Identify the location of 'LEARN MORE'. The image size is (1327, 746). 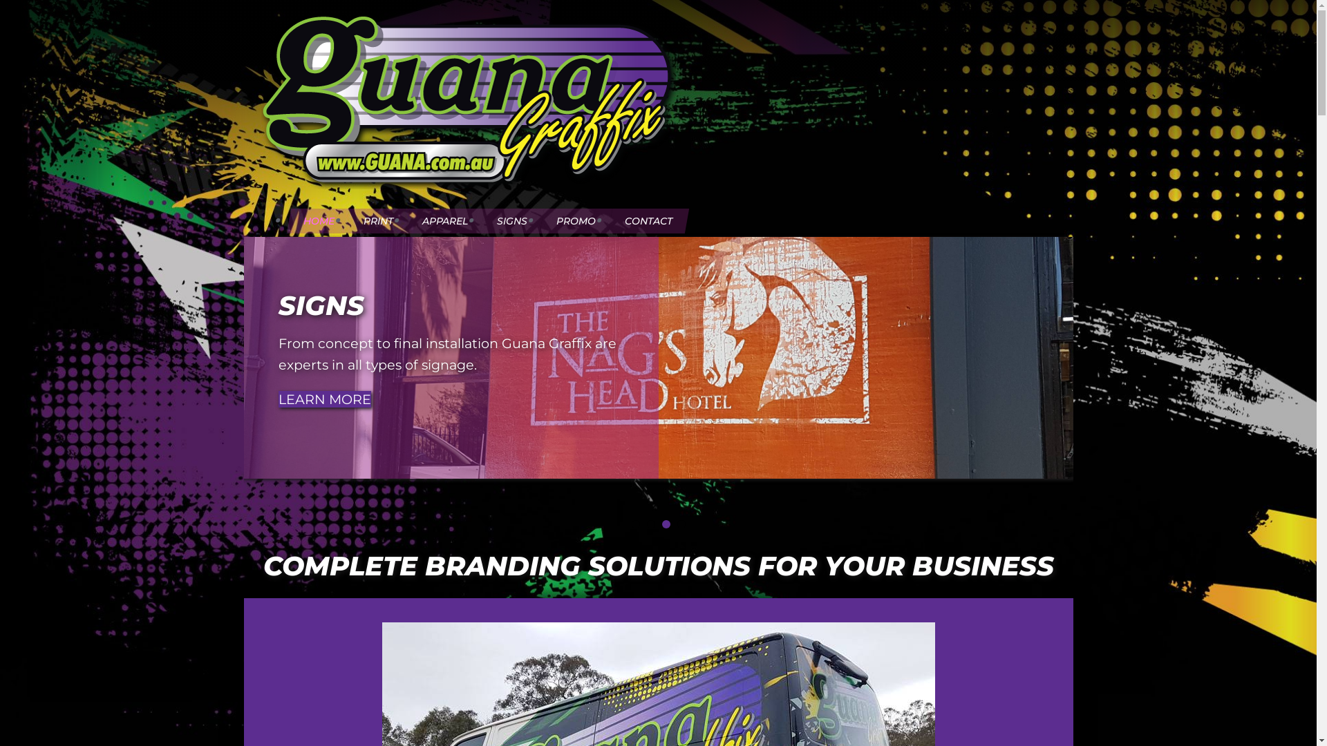
(277, 399).